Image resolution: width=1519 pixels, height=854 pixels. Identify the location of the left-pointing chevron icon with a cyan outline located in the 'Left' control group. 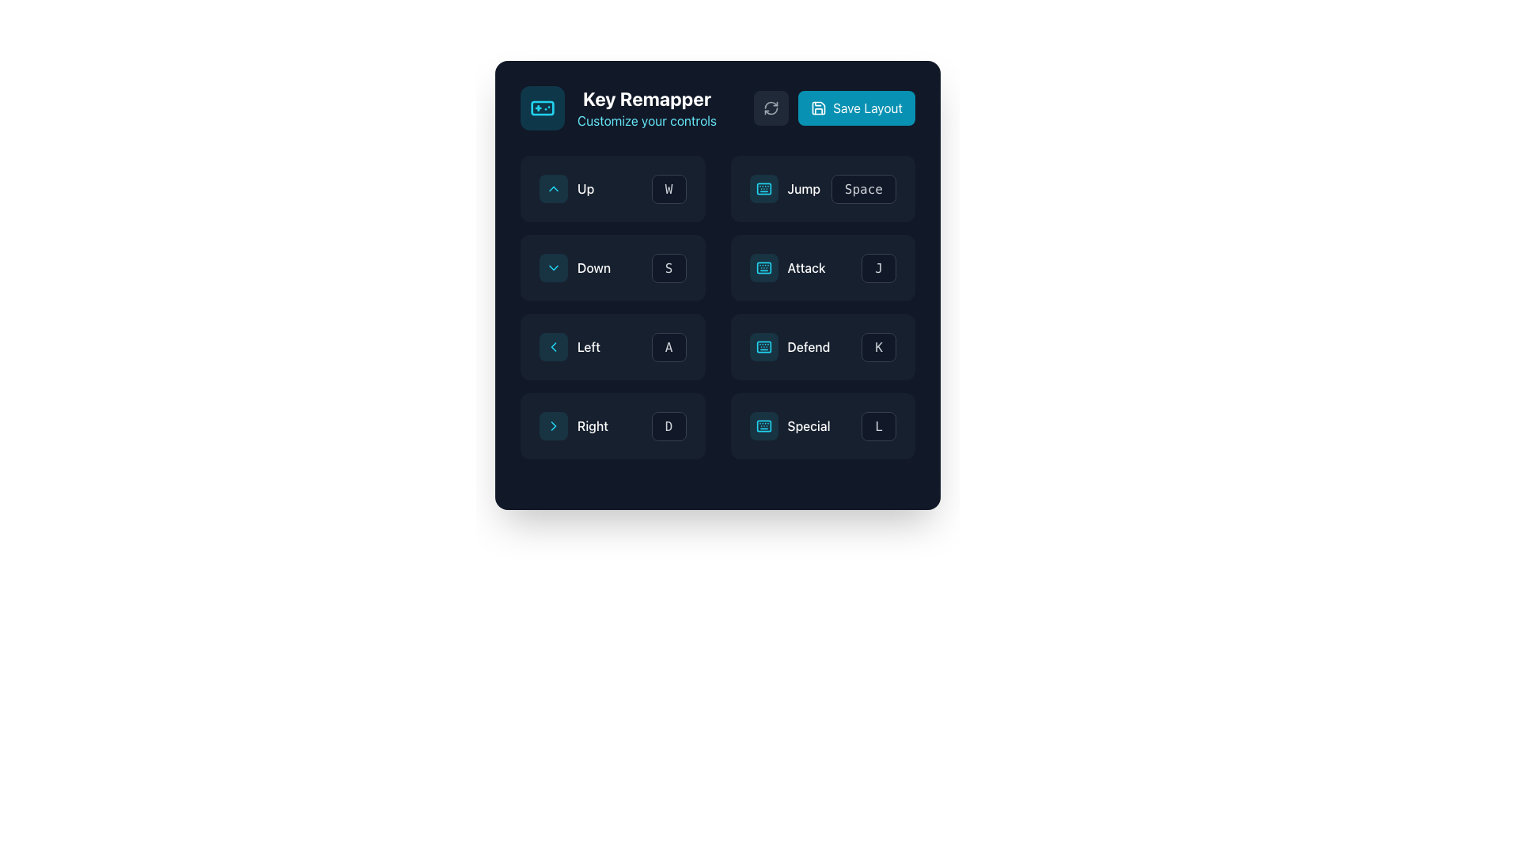
(554, 346).